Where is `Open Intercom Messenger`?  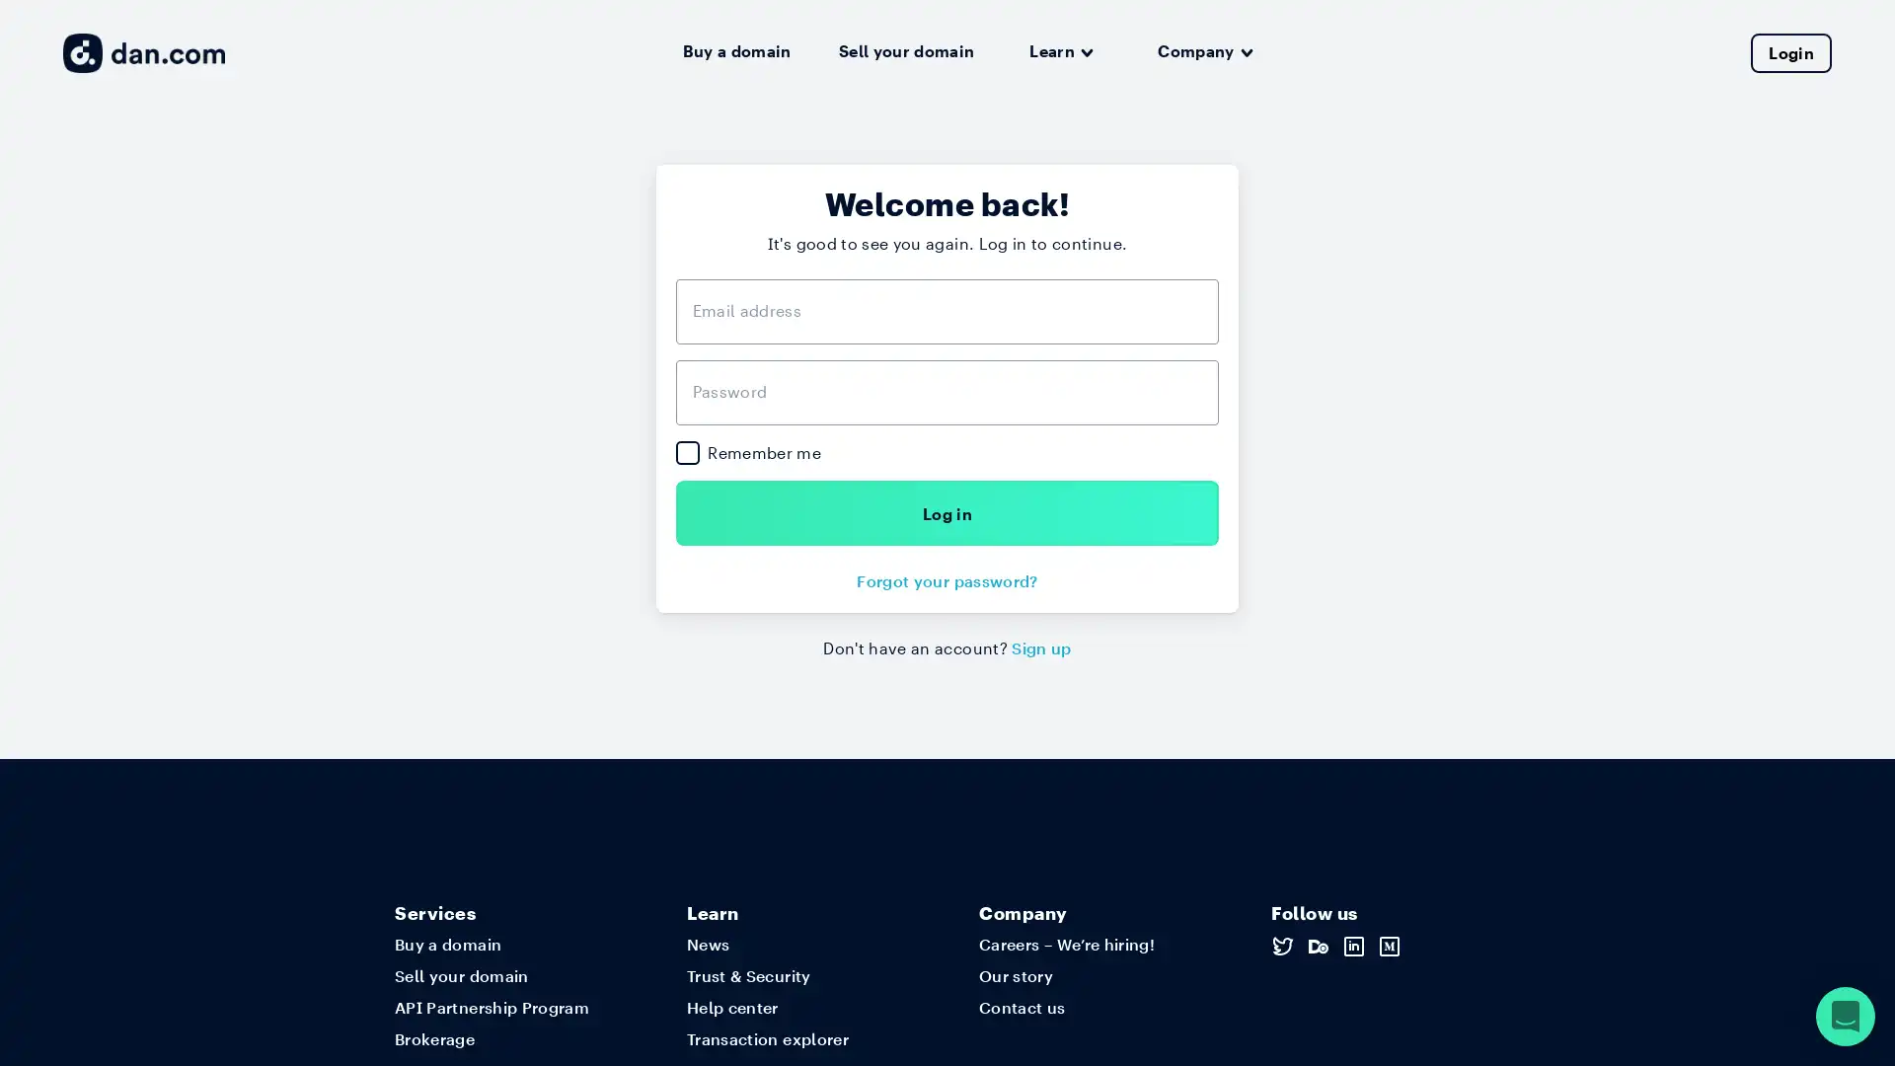 Open Intercom Messenger is located at coordinates (1845, 1016).